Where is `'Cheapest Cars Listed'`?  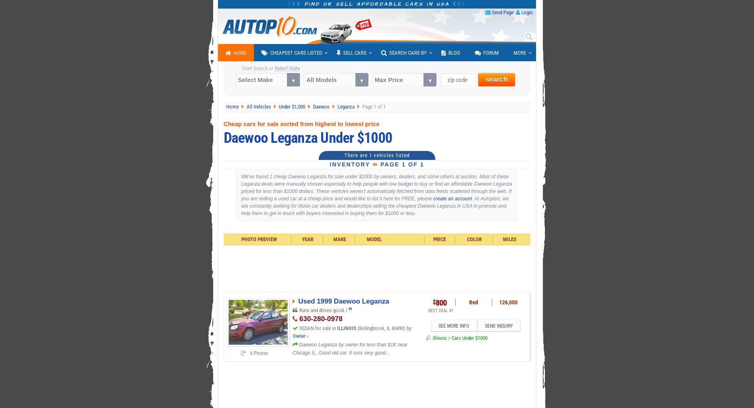 'Cheapest Cars Listed' is located at coordinates (270, 53).